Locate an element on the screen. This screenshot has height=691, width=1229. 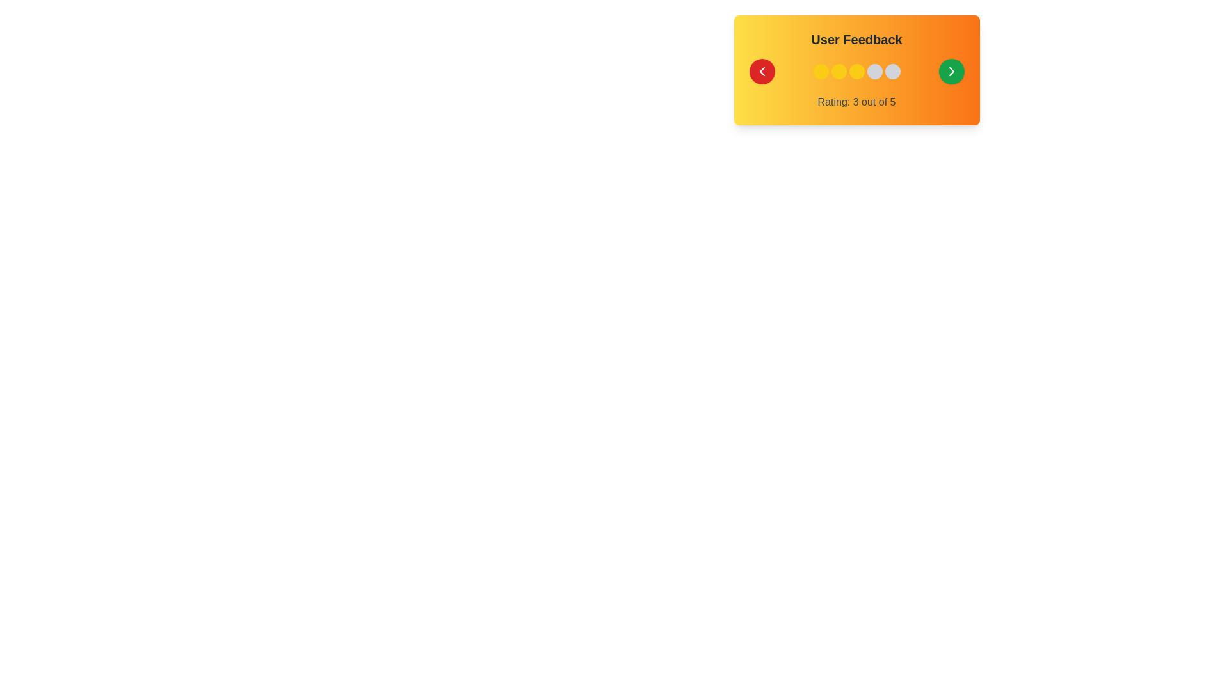
the green circular button with a white chevron icon is located at coordinates (951, 71).